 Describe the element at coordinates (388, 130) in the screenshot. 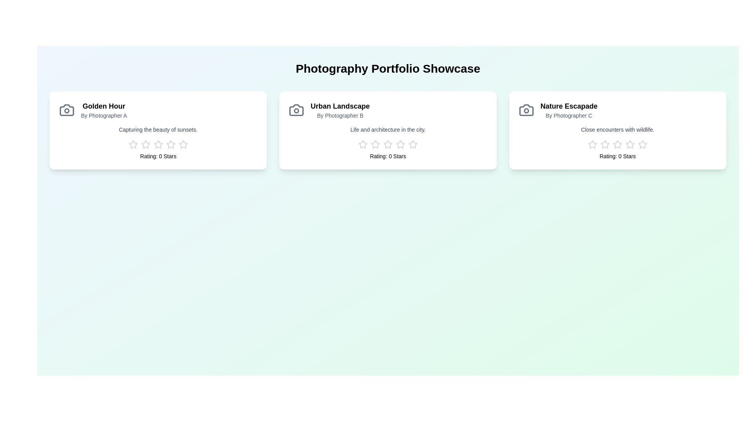

I see `the portfolio card for Urban Landscape` at that location.